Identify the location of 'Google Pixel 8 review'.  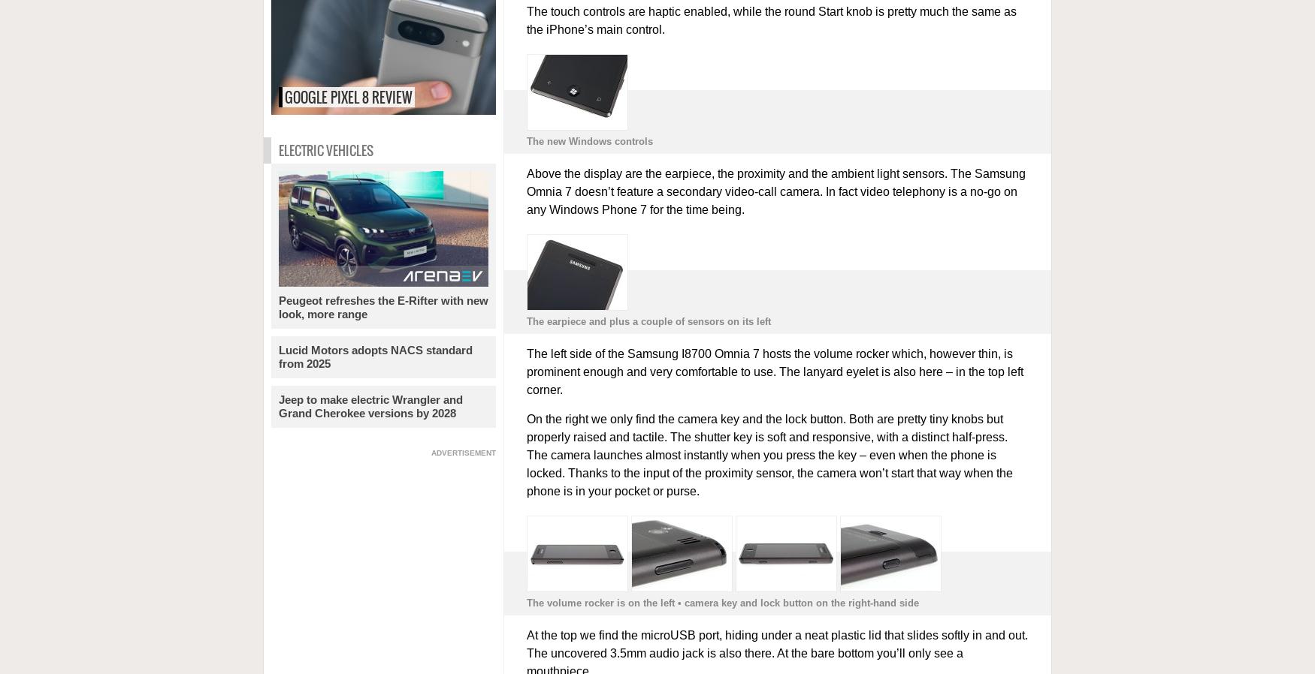
(348, 96).